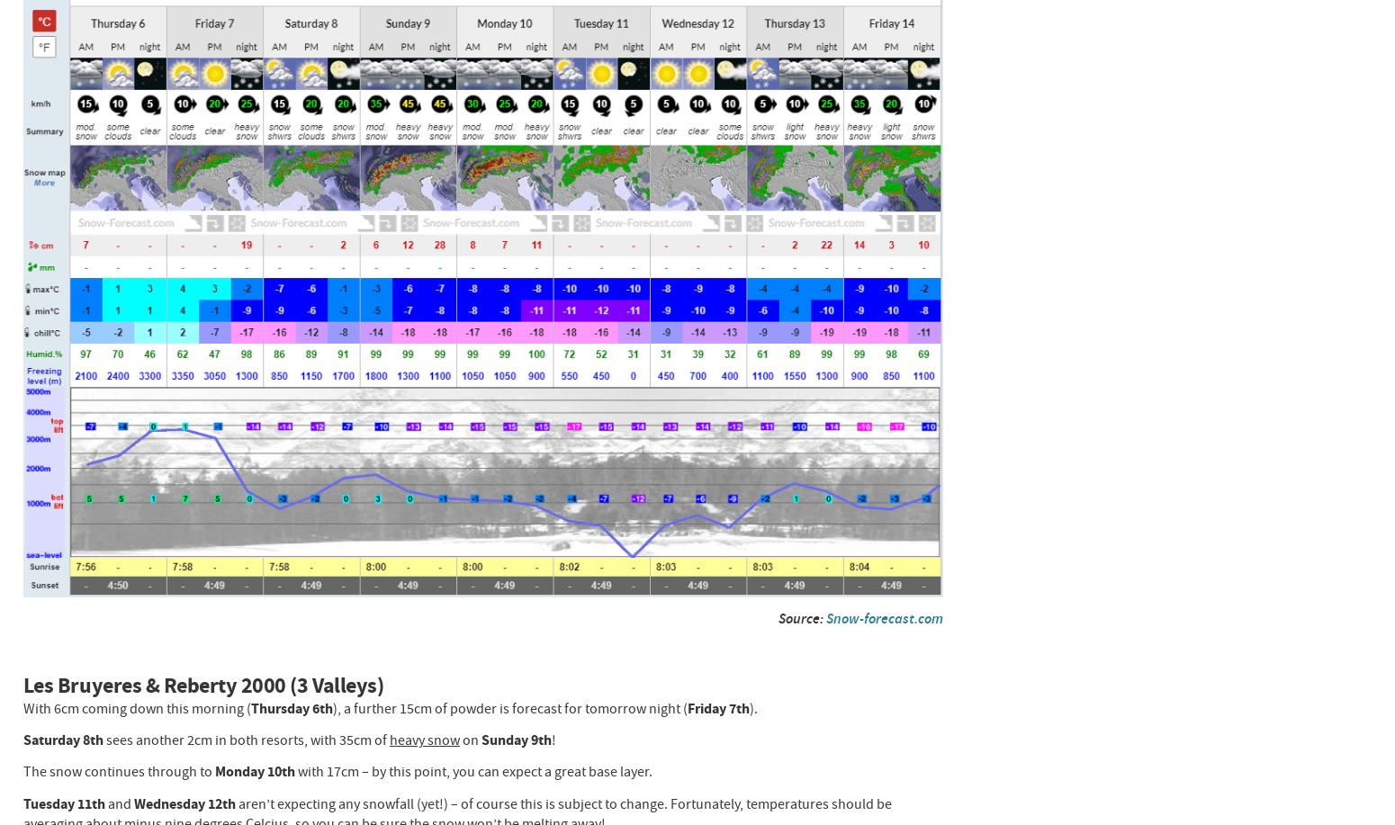  I want to click on 'and', so click(119, 802).